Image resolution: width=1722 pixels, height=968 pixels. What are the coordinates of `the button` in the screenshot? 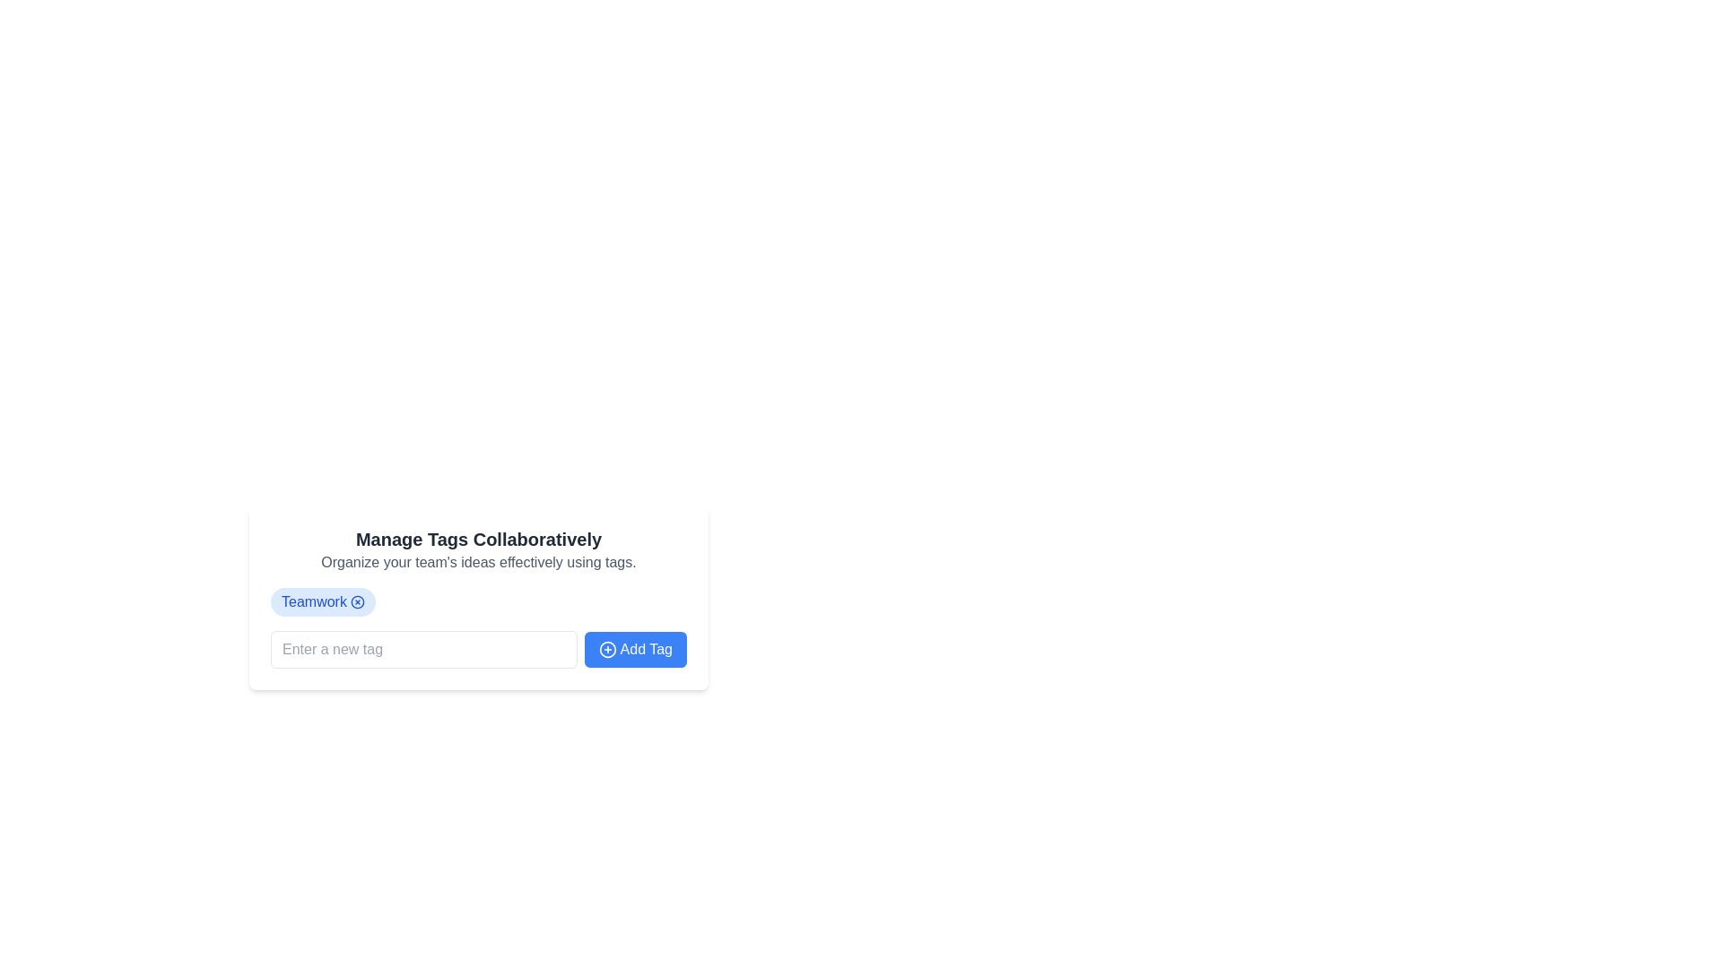 It's located at (635, 650).